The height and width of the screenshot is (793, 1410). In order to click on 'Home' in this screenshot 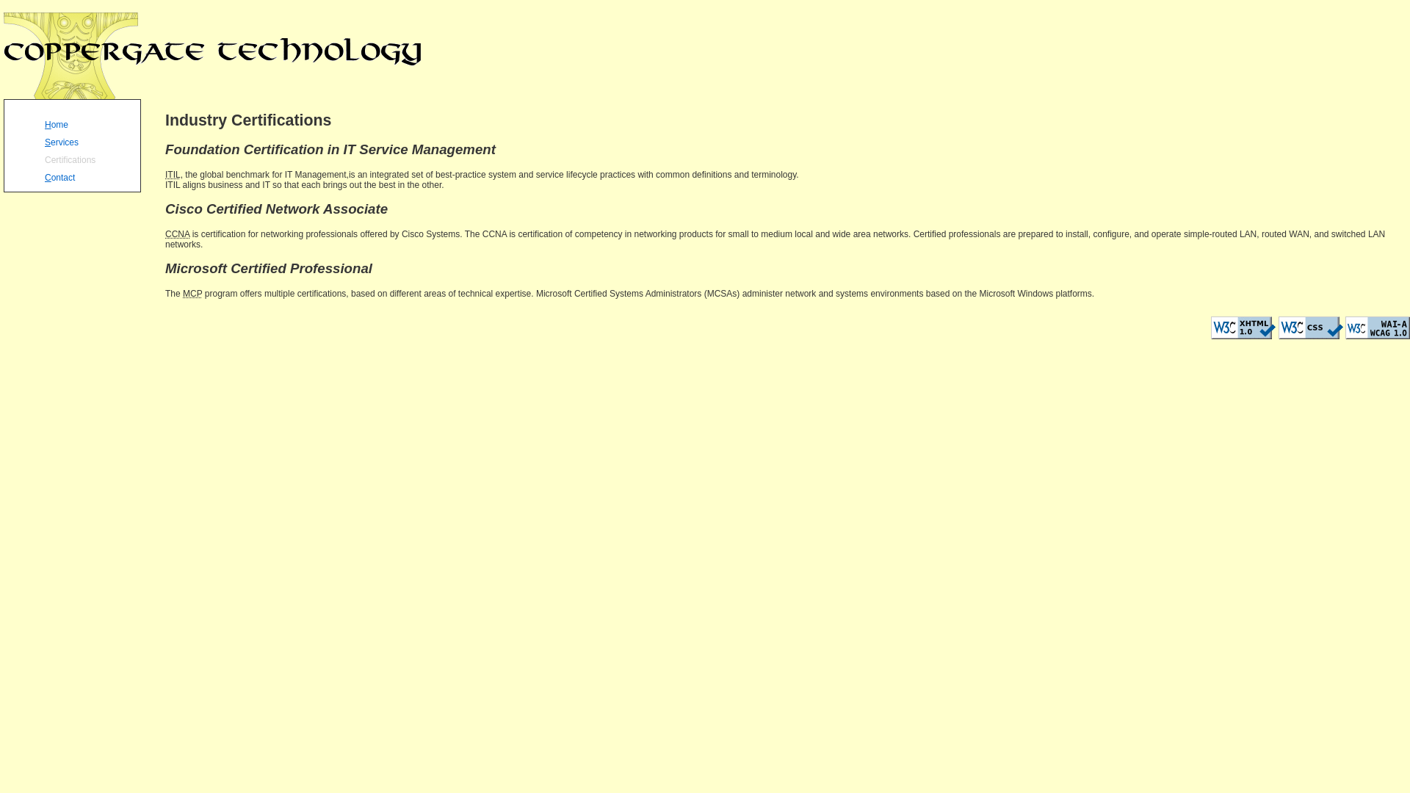, I will do `click(90, 122)`.